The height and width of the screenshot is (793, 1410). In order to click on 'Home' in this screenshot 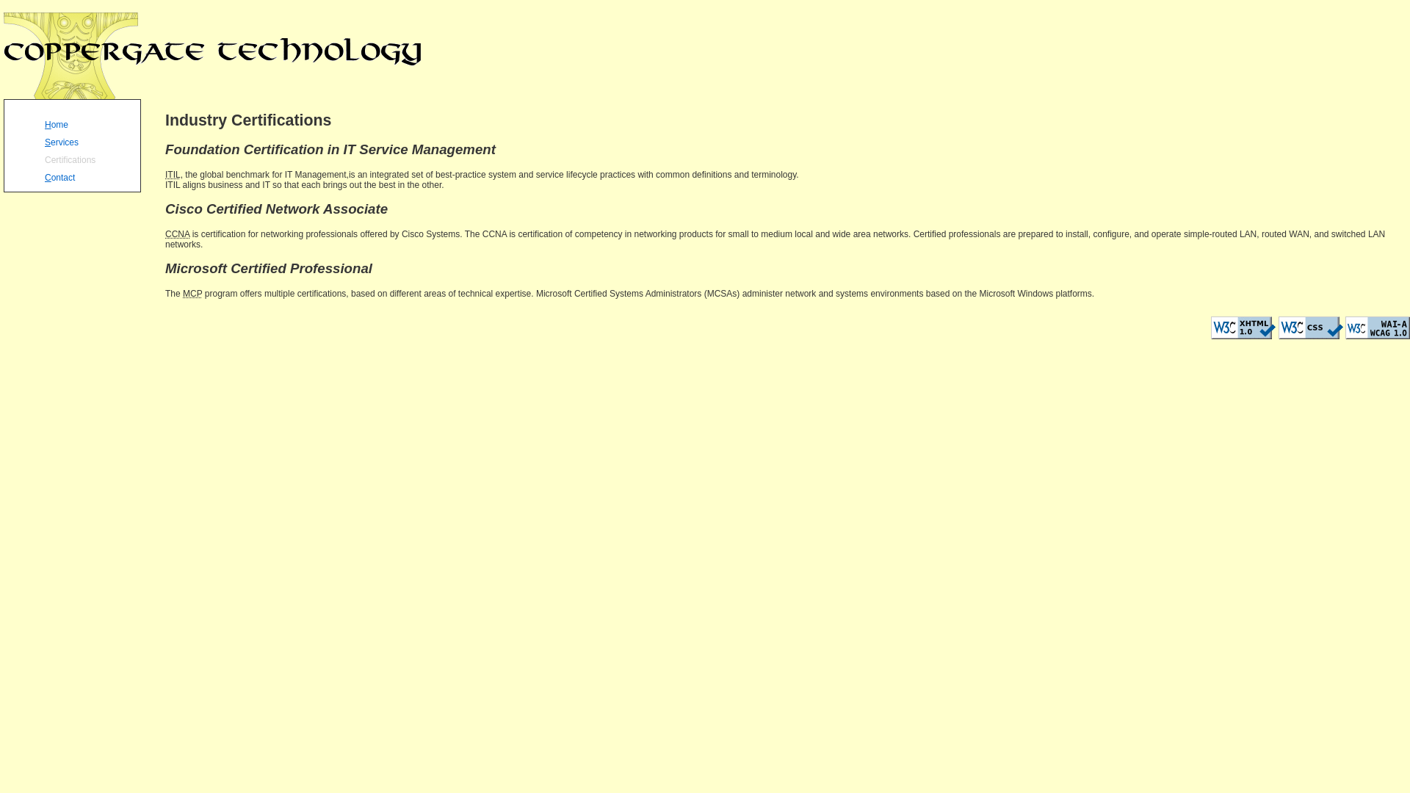, I will do `click(90, 122)`.